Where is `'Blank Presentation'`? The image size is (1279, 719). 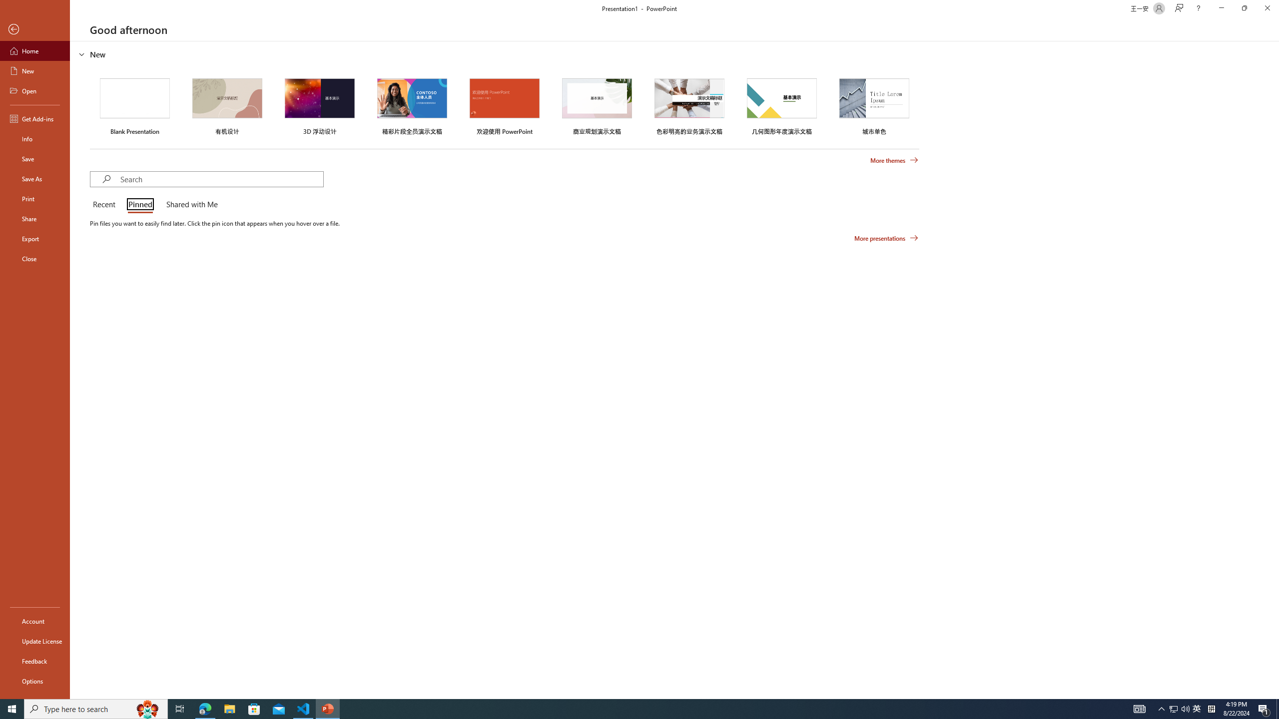
'Blank Presentation' is located at coordinates (134, 105).